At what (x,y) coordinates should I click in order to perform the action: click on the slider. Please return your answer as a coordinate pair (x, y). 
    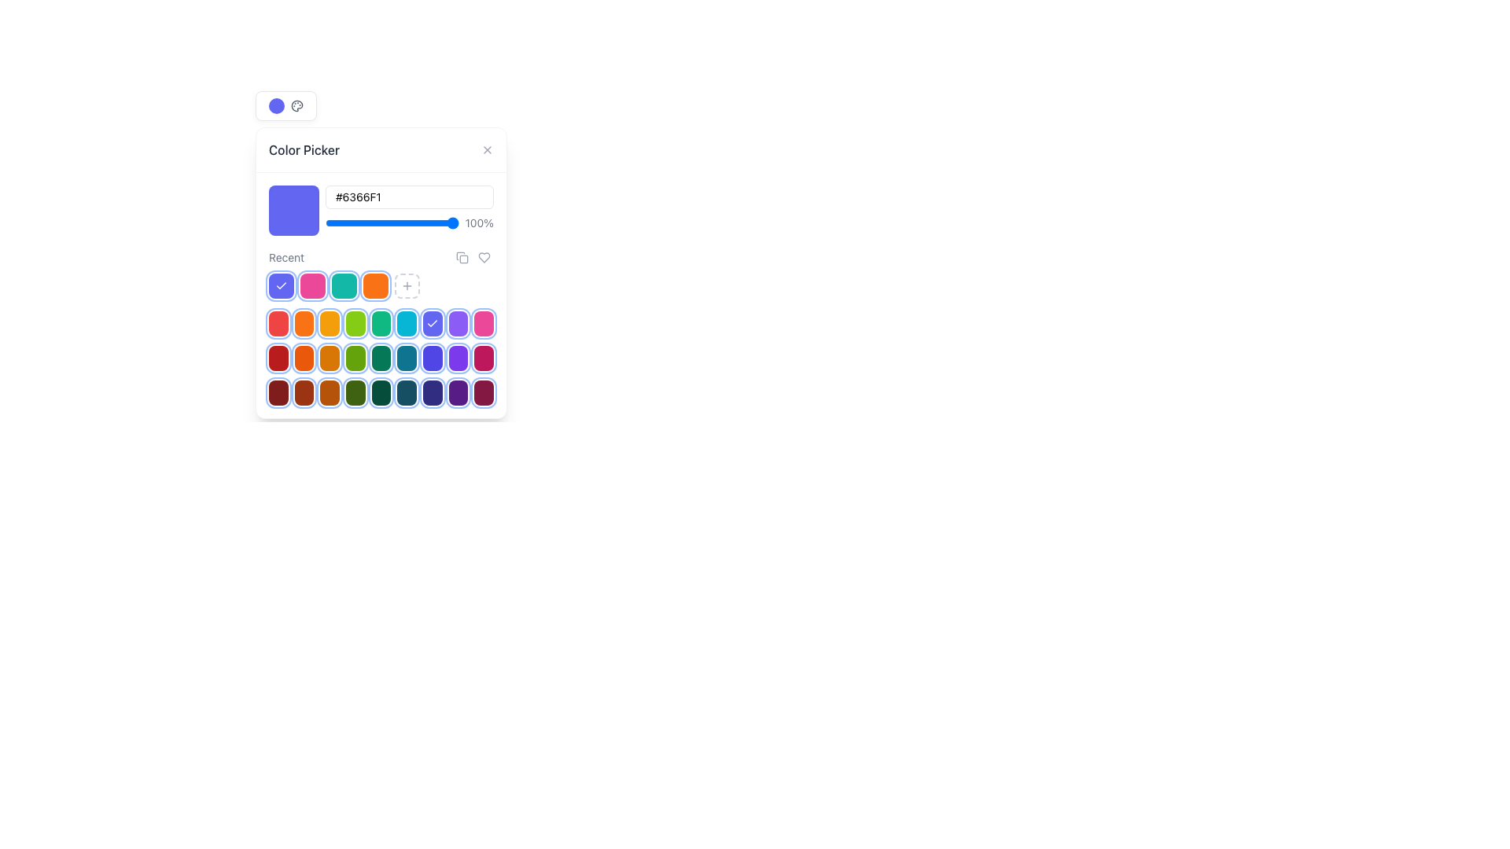
    Looking at the image, I should click on (333, 223).